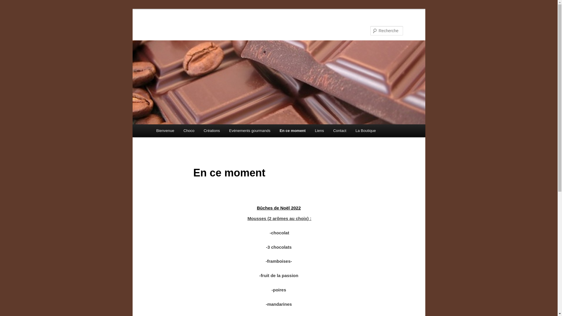 Image resolution: width=562 pixels, height=316 pixels. I want to click on 'Liens', so click(310, 130).